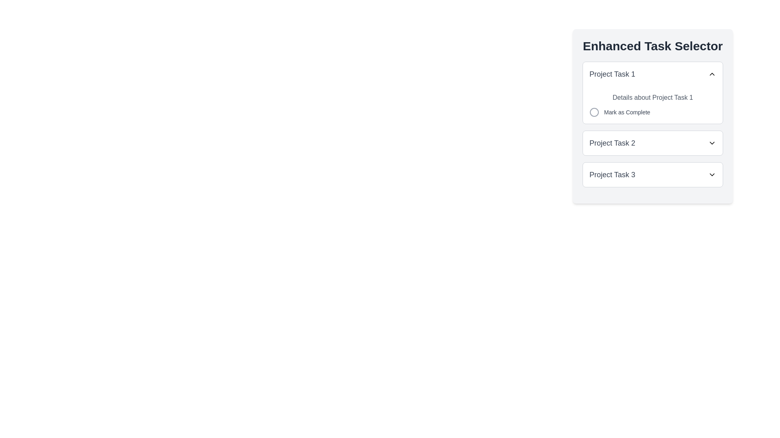 This screenshot has height=438, width=780. Describe the element at coordinates (612, 74) in the screenshot. I see `the text label on the left side of the task preview box` at that location.